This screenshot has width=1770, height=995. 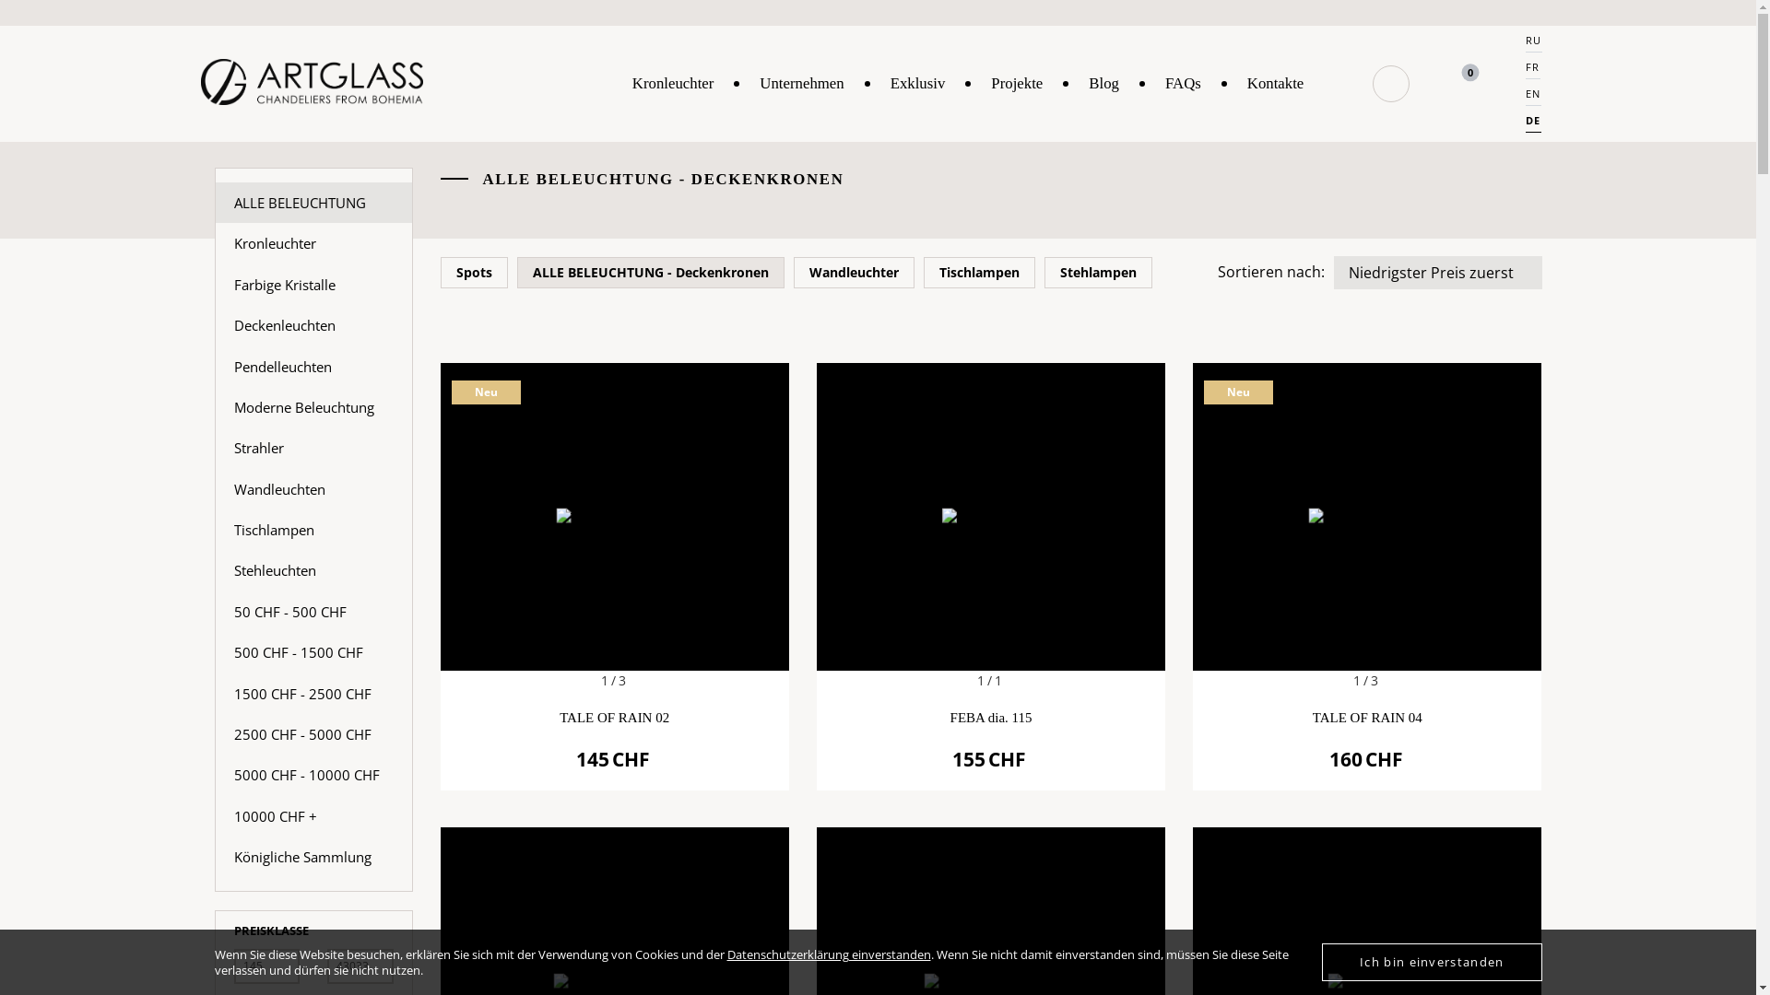 What do you see at coordinates (1367, 576) in the screenshot?
I see `'1/3` at bounding box center [1367, 576].